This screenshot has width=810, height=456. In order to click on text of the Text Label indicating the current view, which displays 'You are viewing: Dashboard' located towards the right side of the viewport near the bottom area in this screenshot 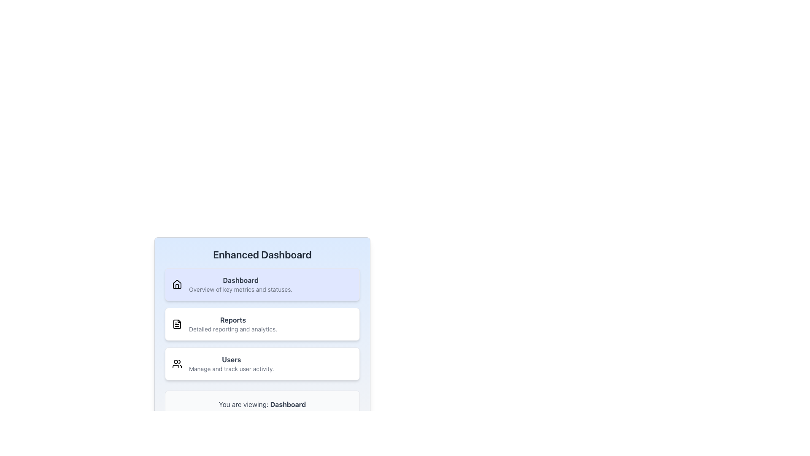, I will do `click(288, 404)`.